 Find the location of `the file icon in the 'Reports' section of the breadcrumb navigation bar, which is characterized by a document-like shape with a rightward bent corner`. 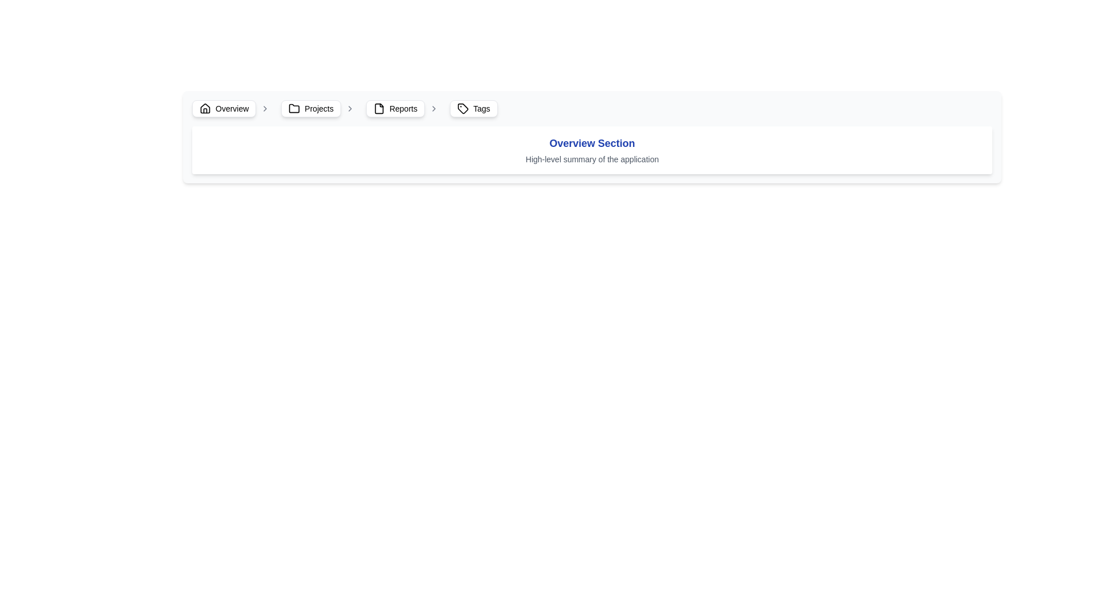

the file icon in the 'Reports' section of the breadcrumb navigation bar, which is characterized by a document-like shape with a rightward bent corner is located at coordinates (379, 109).